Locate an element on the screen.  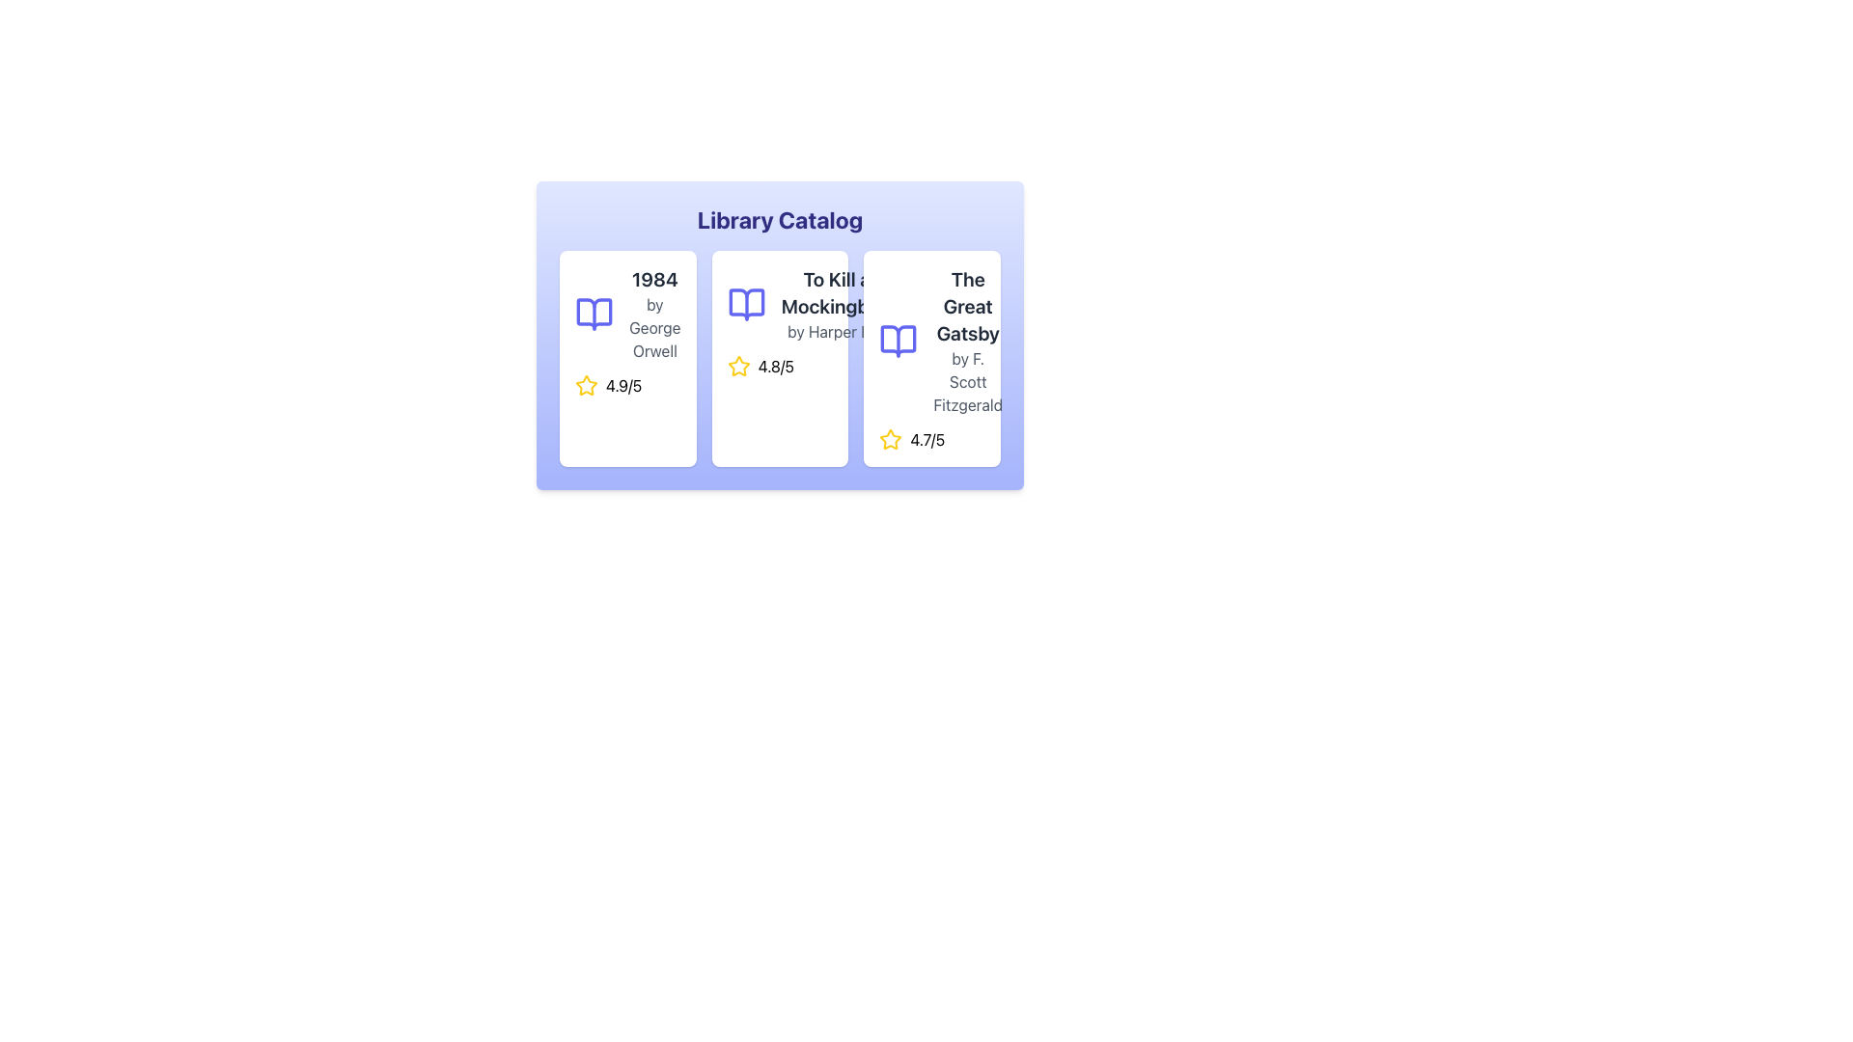
the book icon located in the rightmost card of three horizontal cards, which visually represents 'The Great Gatsby by F. Scott Fitzgerald' is located at coordinates (898, 341).